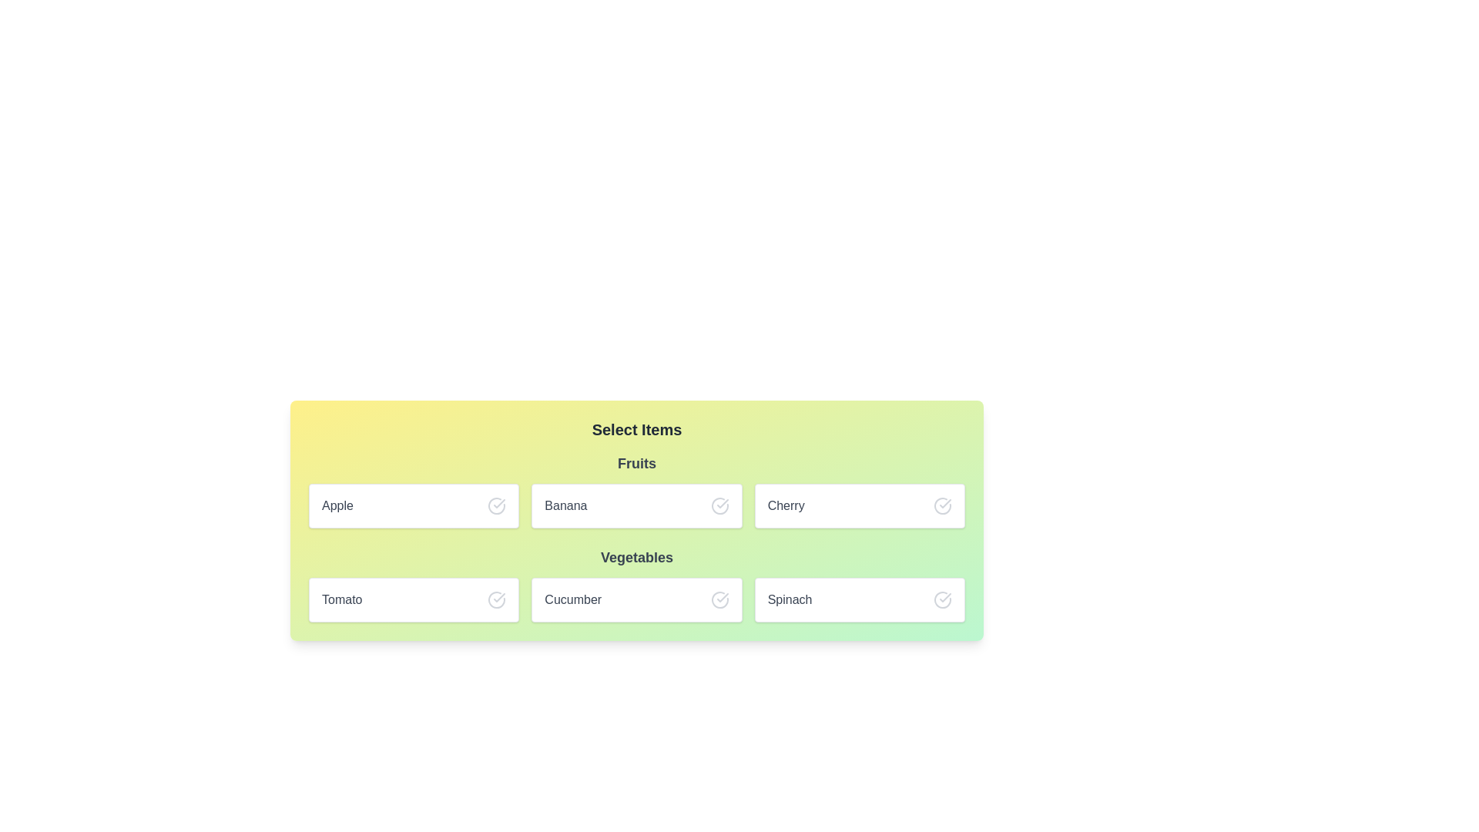 This screenshot has height=832, width=1479. What do you see at coordinates (636, 599) in the screenshot?
I see `the 'Cucumber' button located in the lower row of the 'Vegetables' grid` at bounding box center [636, 599].